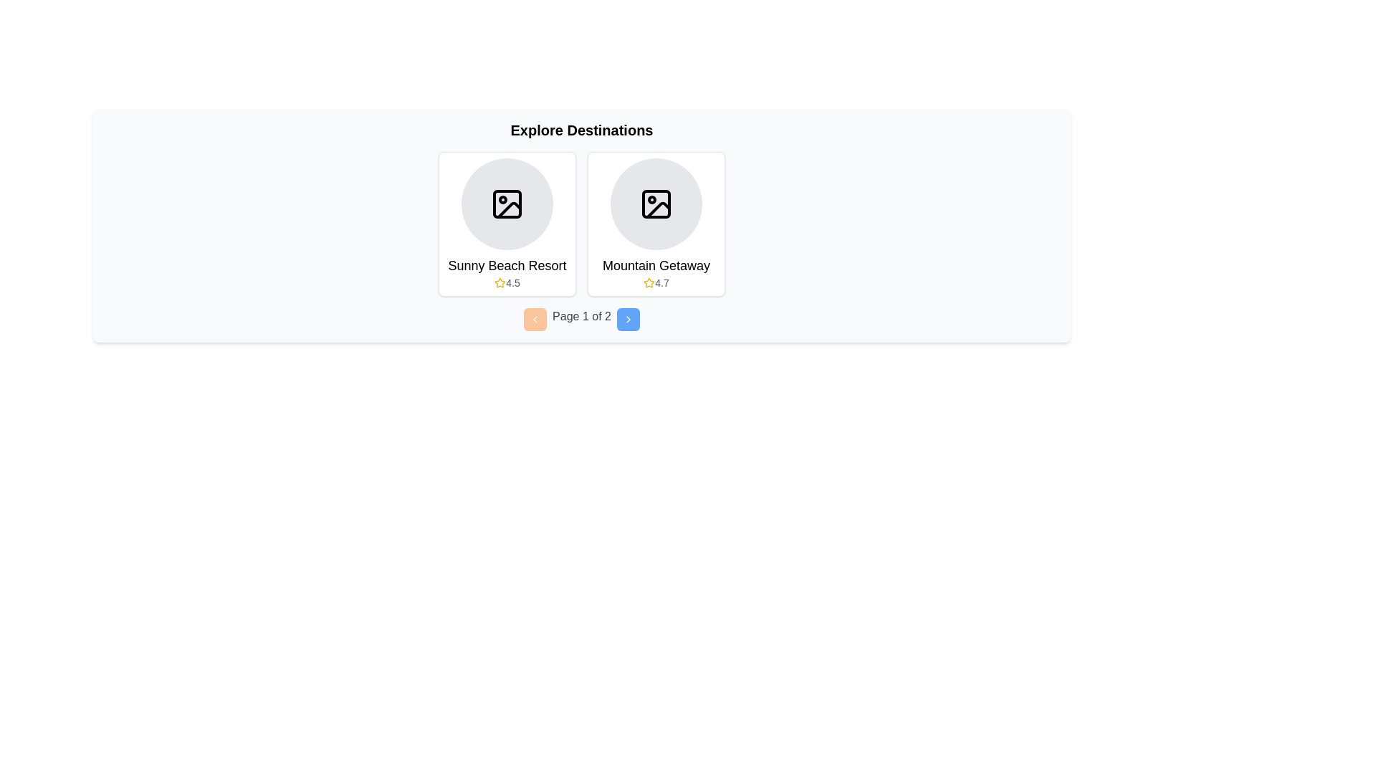 This screenshot has height=774, width=1376. Describe the element at coordinates (628, 319) in the screenshot. I see `the right-pointing arrow icon located within the rounded rectangular button at the bottom center of the interface` at that location.